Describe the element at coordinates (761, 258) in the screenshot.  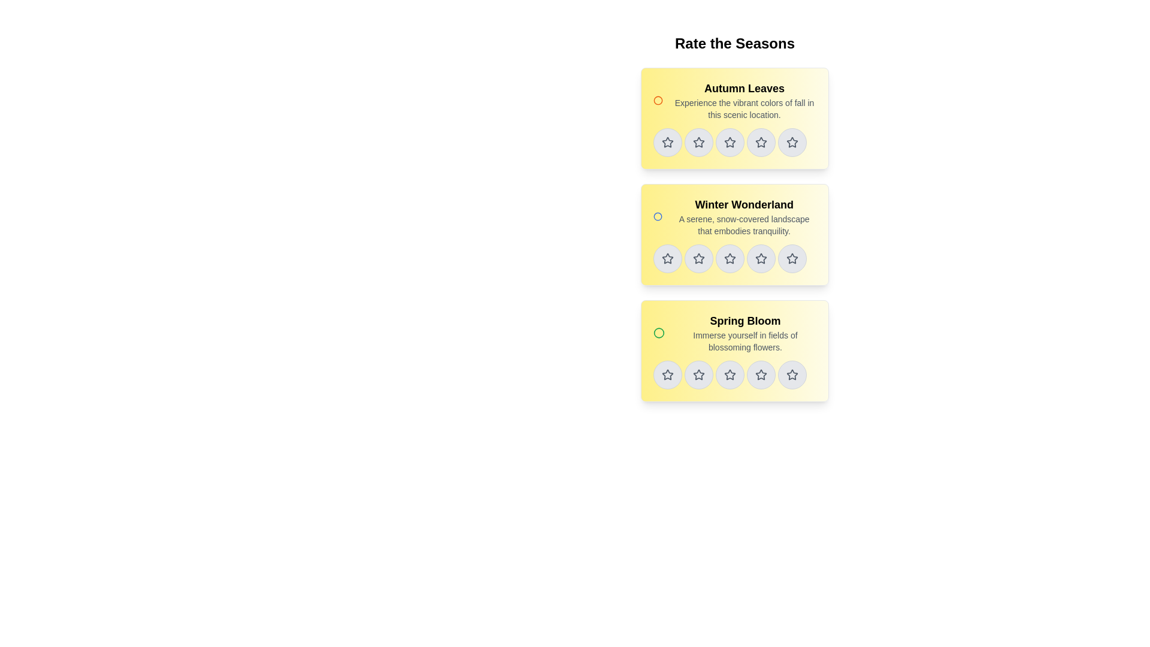
I see `the fourth star in the star rating control under 'Winter Wonderland'` at that location.